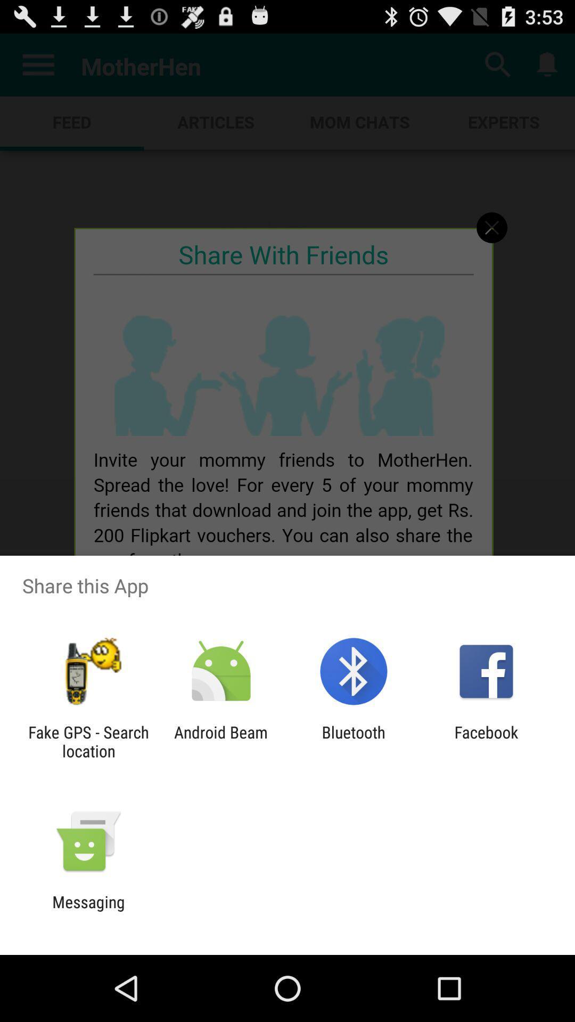 Image resolution: width=575 pixels, height=1022 pixels. I want to click on item next to the bluetooth item, so click(220, 741).